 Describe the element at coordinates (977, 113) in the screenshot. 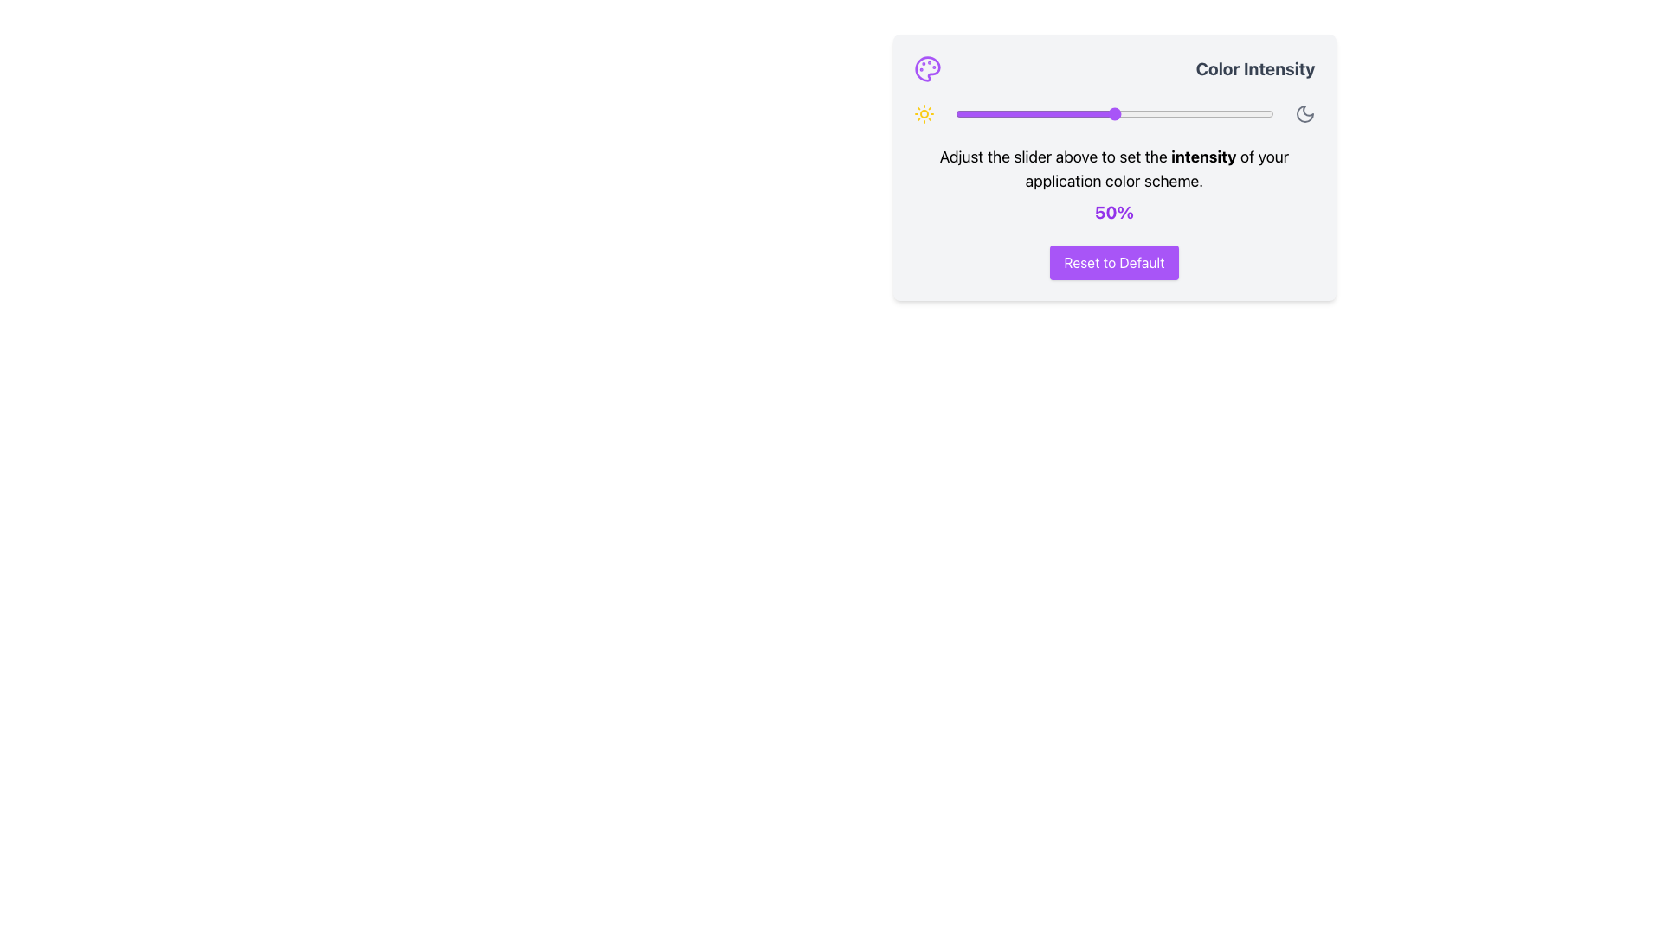

I see `the color intensity slider` at that location.